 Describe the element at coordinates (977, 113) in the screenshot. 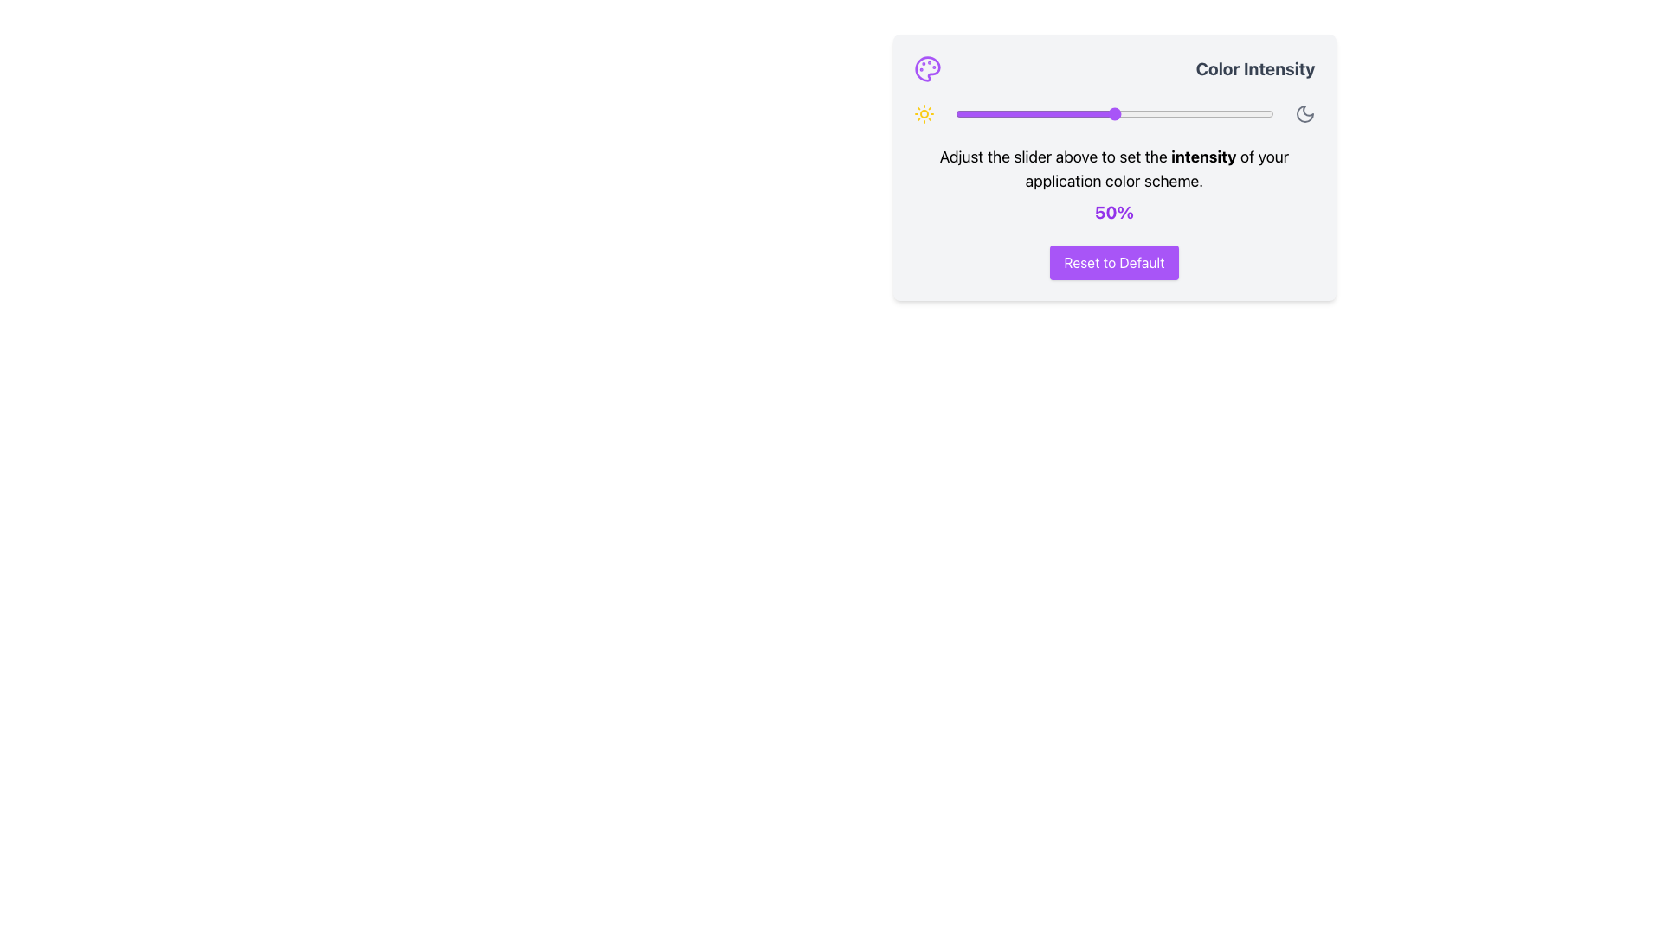

I see `the color intensity slider` at that location.